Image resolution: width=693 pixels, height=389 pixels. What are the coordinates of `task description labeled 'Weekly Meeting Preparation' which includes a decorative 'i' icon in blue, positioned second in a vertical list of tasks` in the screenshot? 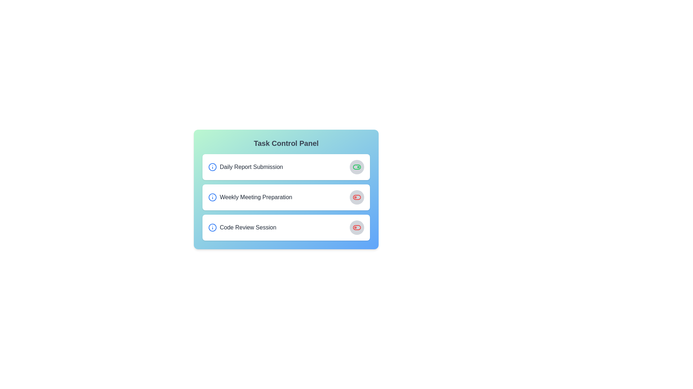 It's located at (250, 197).